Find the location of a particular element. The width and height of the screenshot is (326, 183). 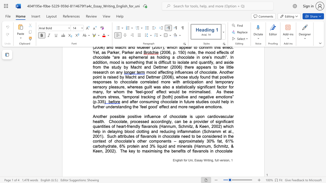

the subset text ", 2002) which help in delaying blood clotti" within the text "Chocolate, processed accordingly, can be a provider of significant quantities of heart-friendly flavanols (Hannum, Schmitz, & Keen, 2002) which help in delaying blood clotting and reducing inflammation (Schramm et al., 2001)" is located at coordinates (209, 126).